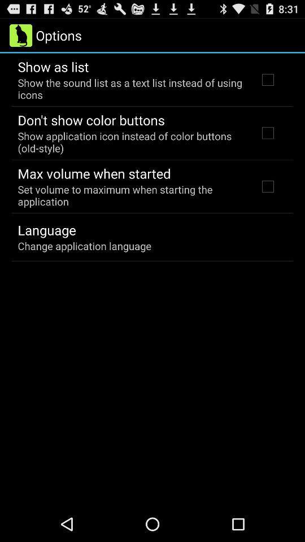 This screenshot has width=305, height=542. Describe the element at coordinates (130, 195) in the screenshot. I see `the icon below max volume when app` at that location.